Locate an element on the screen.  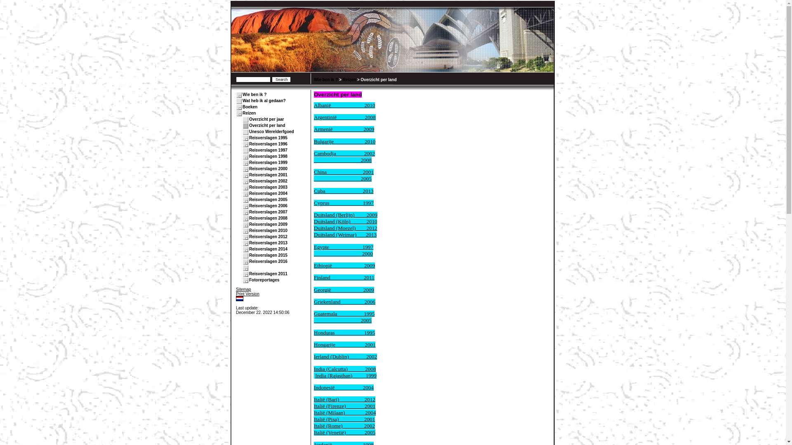
'Print Version' is located at coordinates (247, 293).